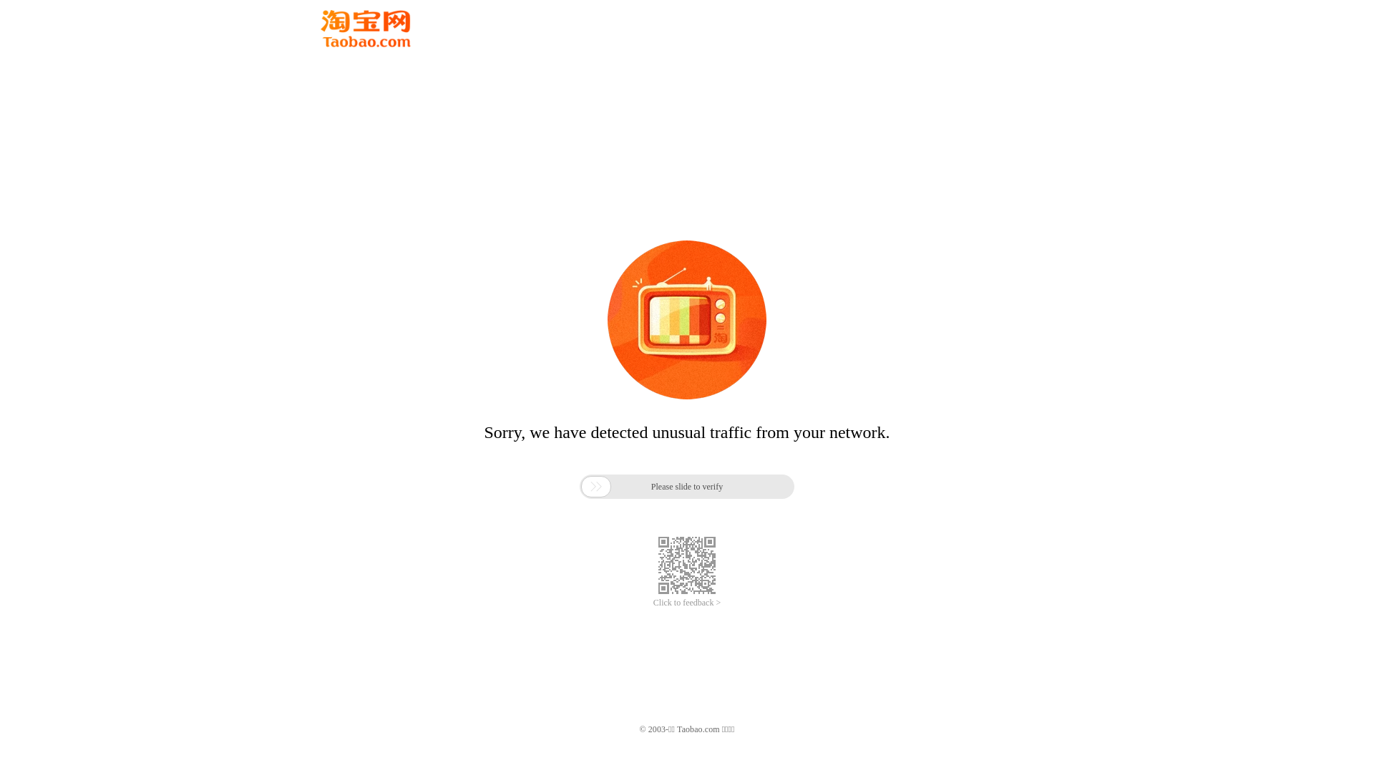 The height and width of the screenshot is (773, 1374). What do you see at coordinates (652, 603) in the screenshot?
I see `'Click to feedback >'` at bounding box center [652, 603].